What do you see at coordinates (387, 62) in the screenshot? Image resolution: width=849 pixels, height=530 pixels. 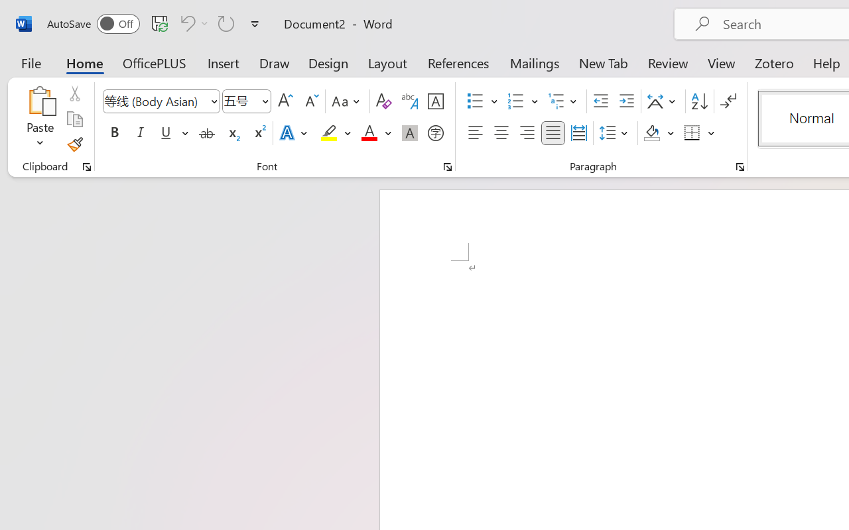 I see `'Layout'` at bounding box center [387, 62].